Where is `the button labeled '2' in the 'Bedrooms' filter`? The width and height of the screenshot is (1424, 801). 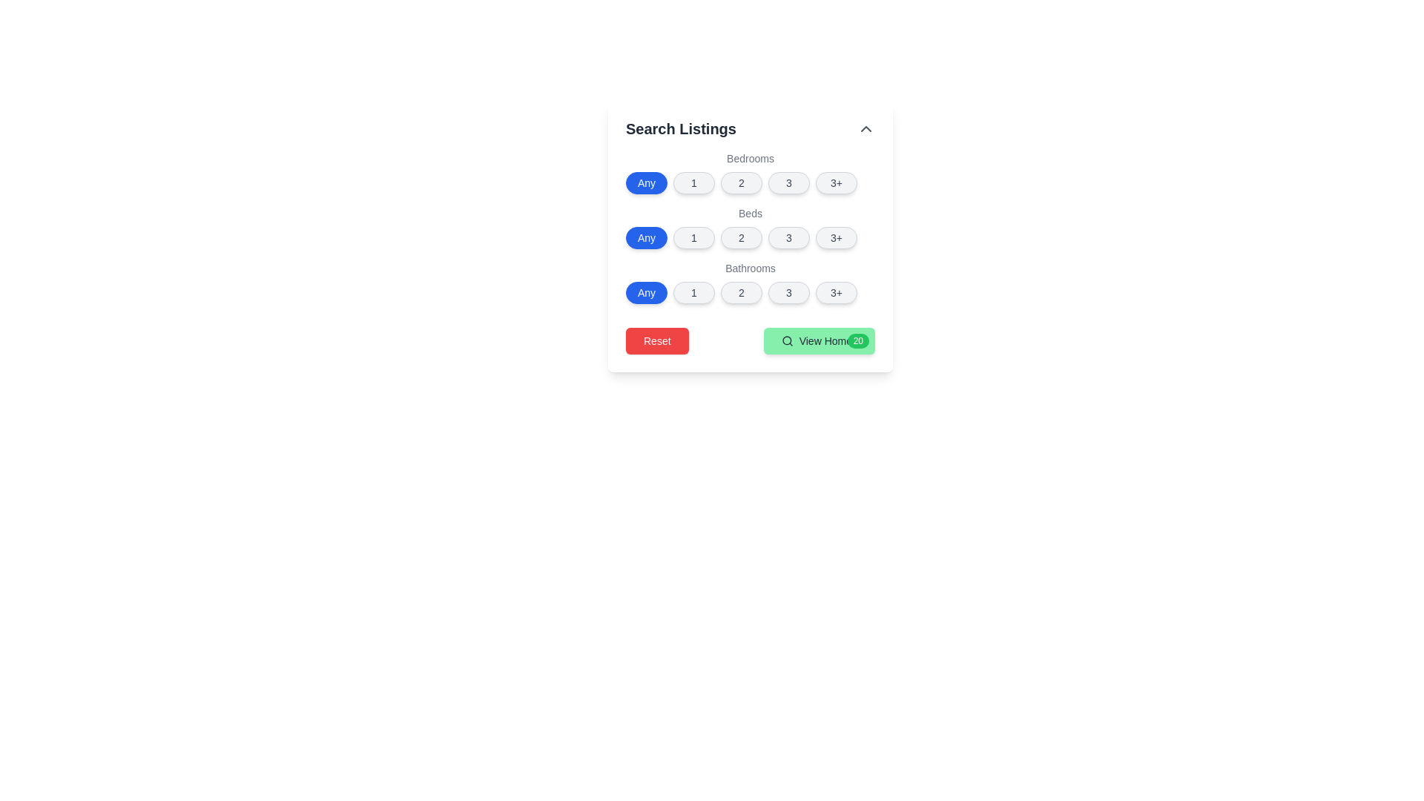
the button labeled '2' in the 'Bedrooms' filter is located at coordinates (741, 182).